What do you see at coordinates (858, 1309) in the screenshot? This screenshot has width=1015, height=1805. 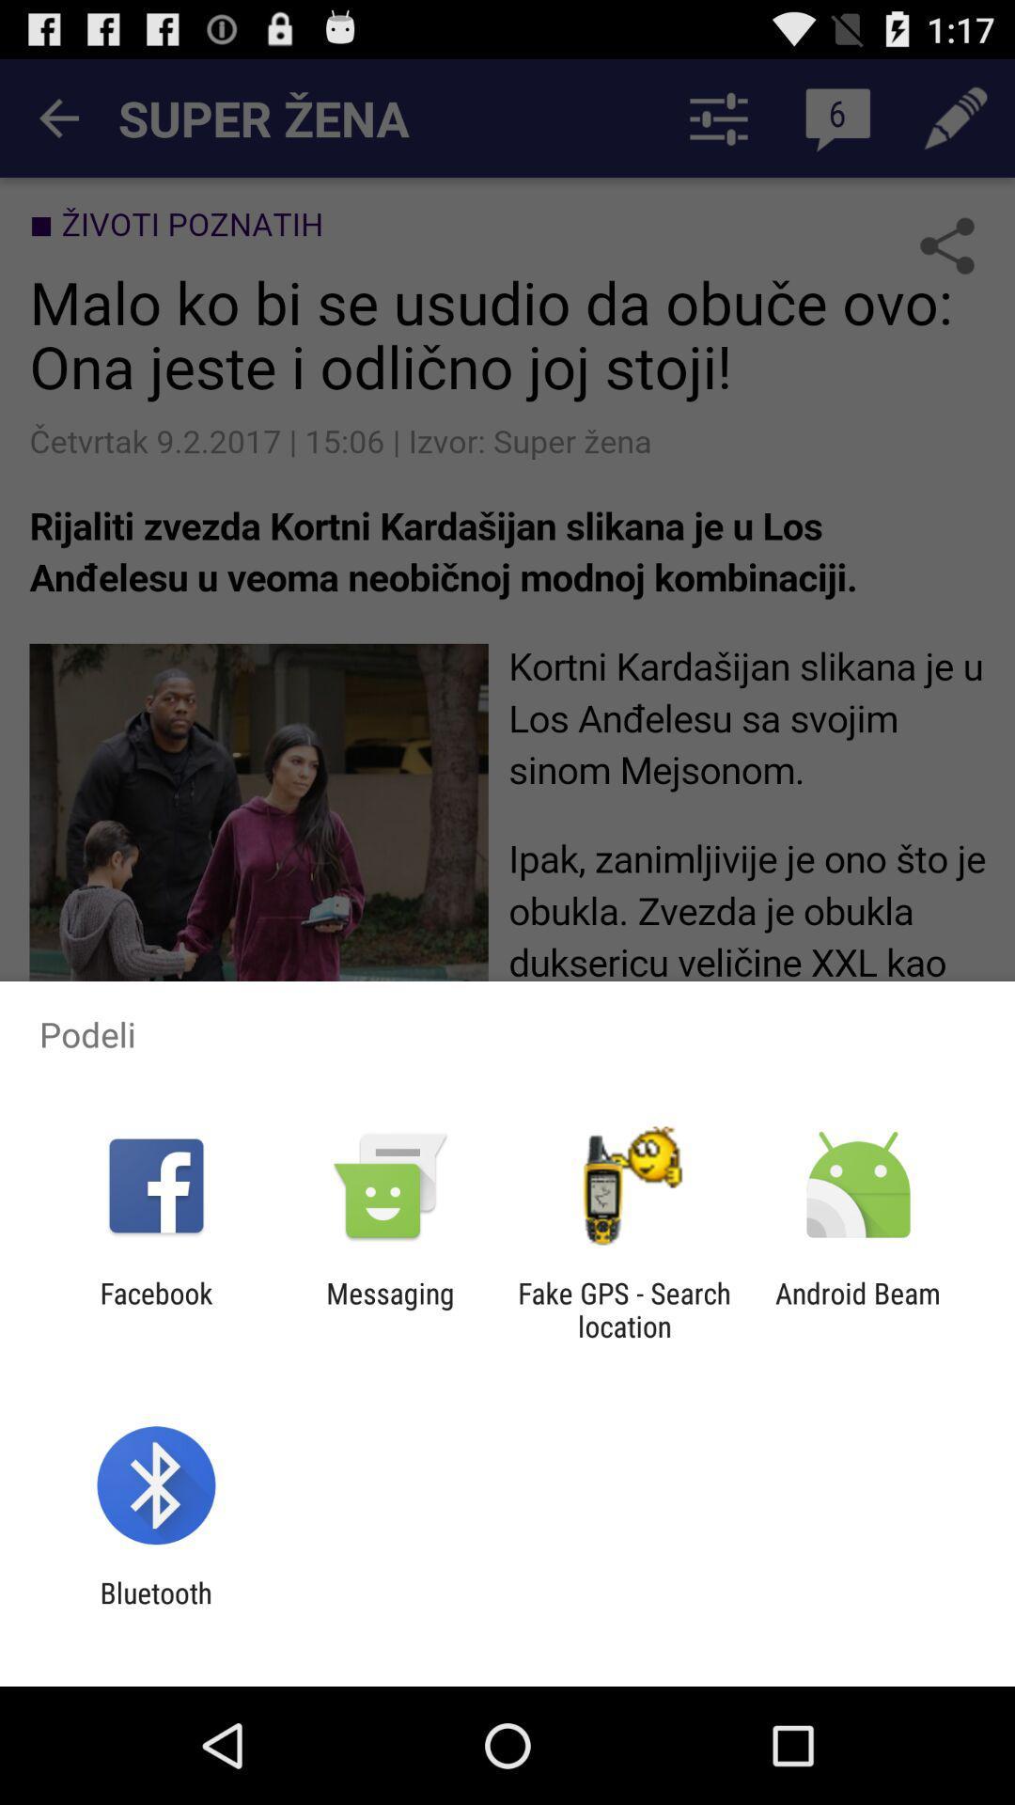 I see `the android beam` at bounding box center [858, 1309].